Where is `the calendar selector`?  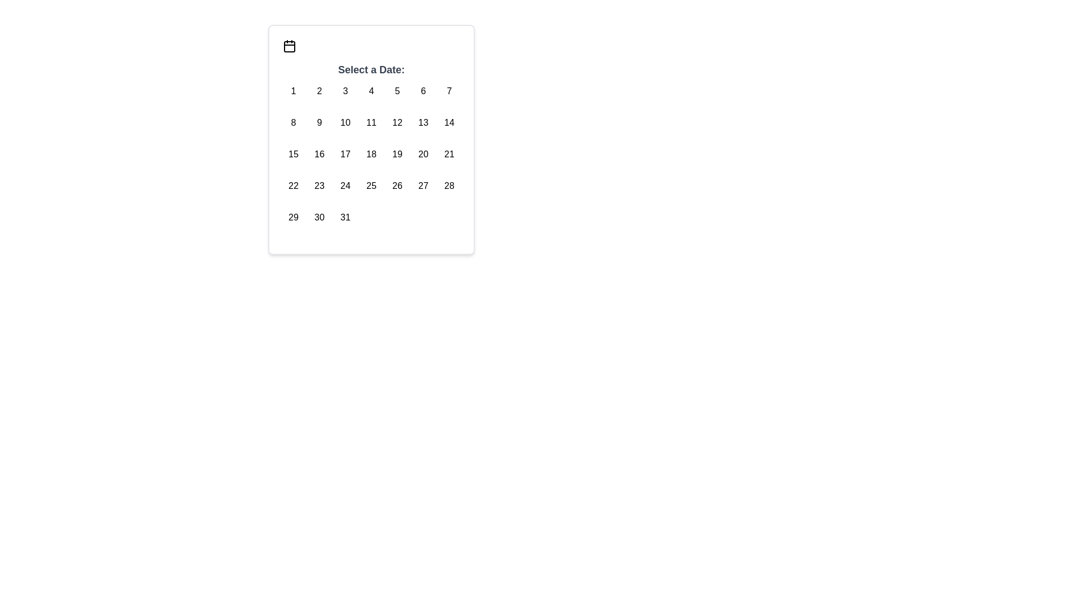
the calendar selector is located at coordinates (371, 139).